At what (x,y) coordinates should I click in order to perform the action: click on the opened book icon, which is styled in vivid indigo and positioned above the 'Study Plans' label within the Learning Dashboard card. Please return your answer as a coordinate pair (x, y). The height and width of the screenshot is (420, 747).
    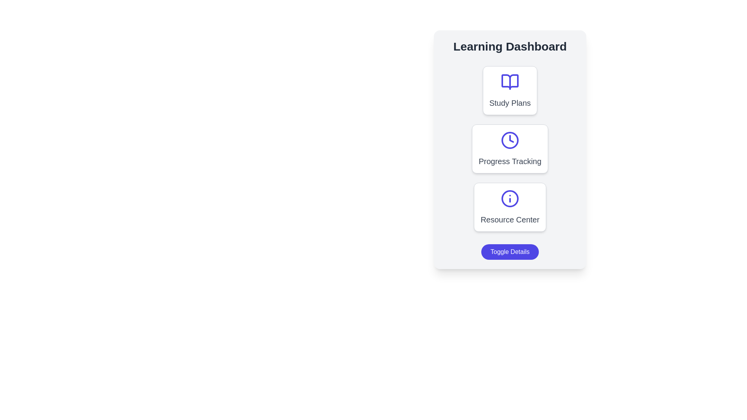
    Looking at the image, I should click on (510, 82).